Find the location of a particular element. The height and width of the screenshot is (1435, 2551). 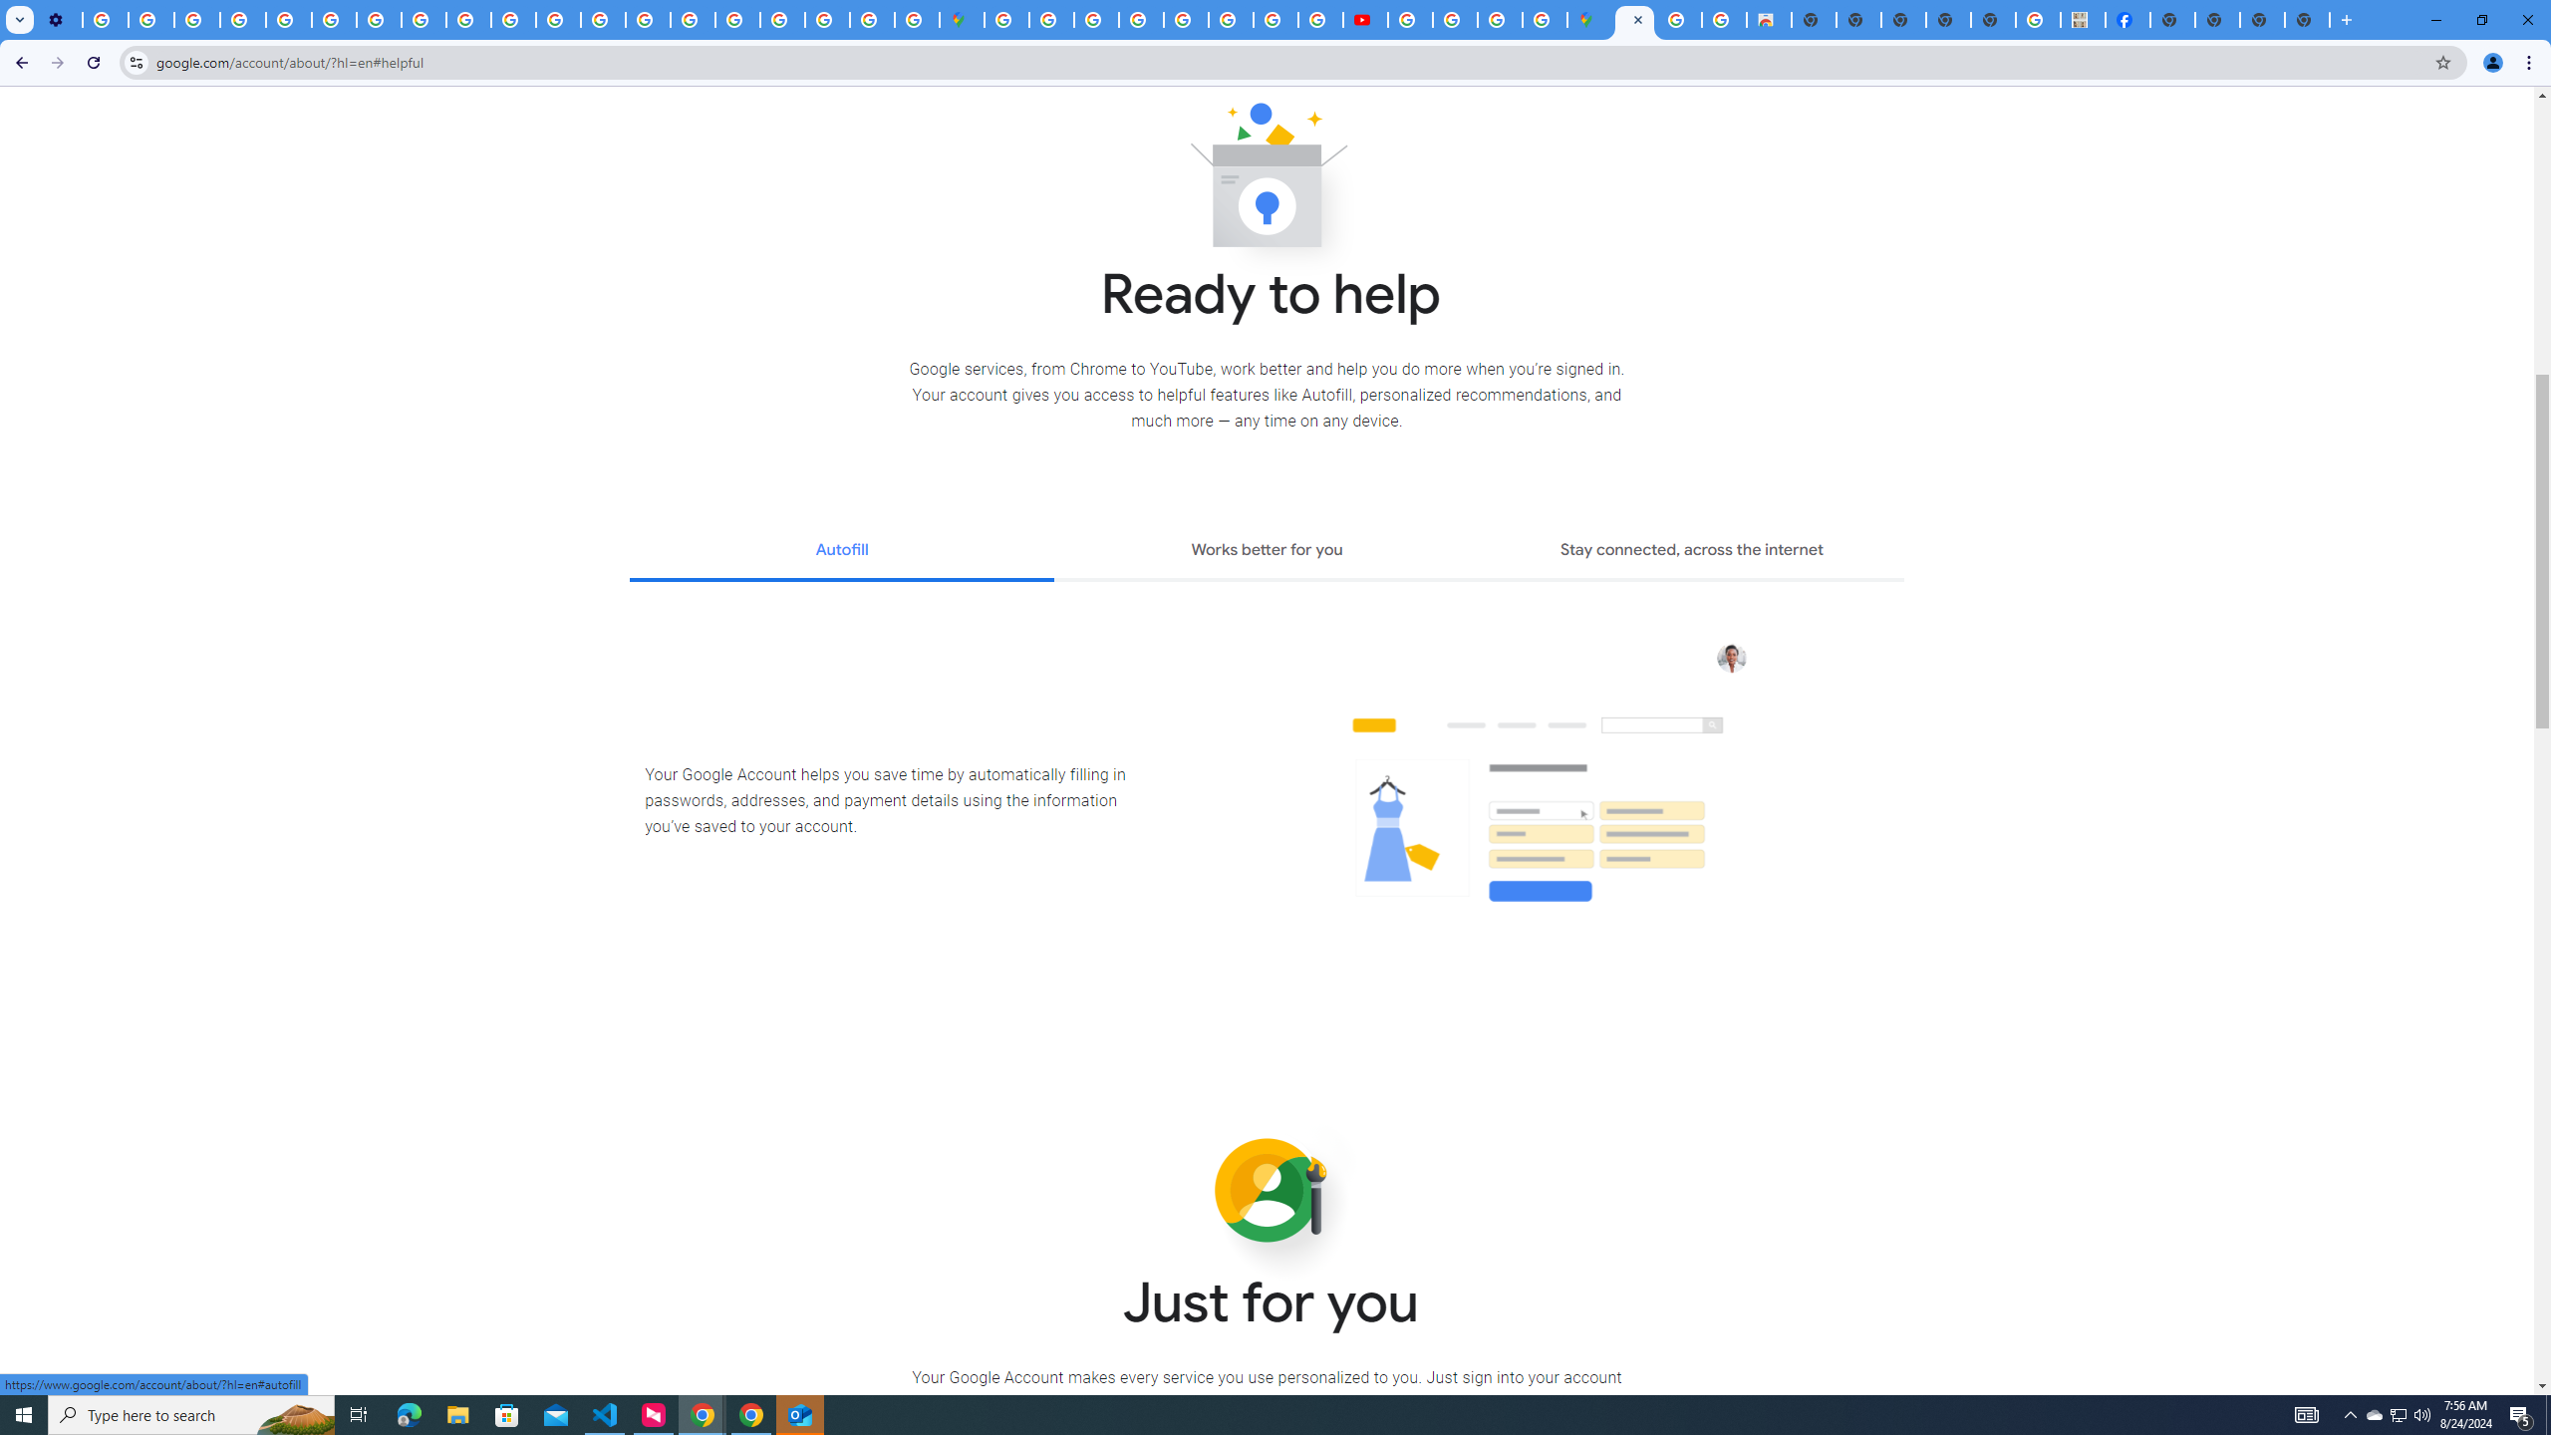

'New Tab' is located at coordinates (2307, 19).